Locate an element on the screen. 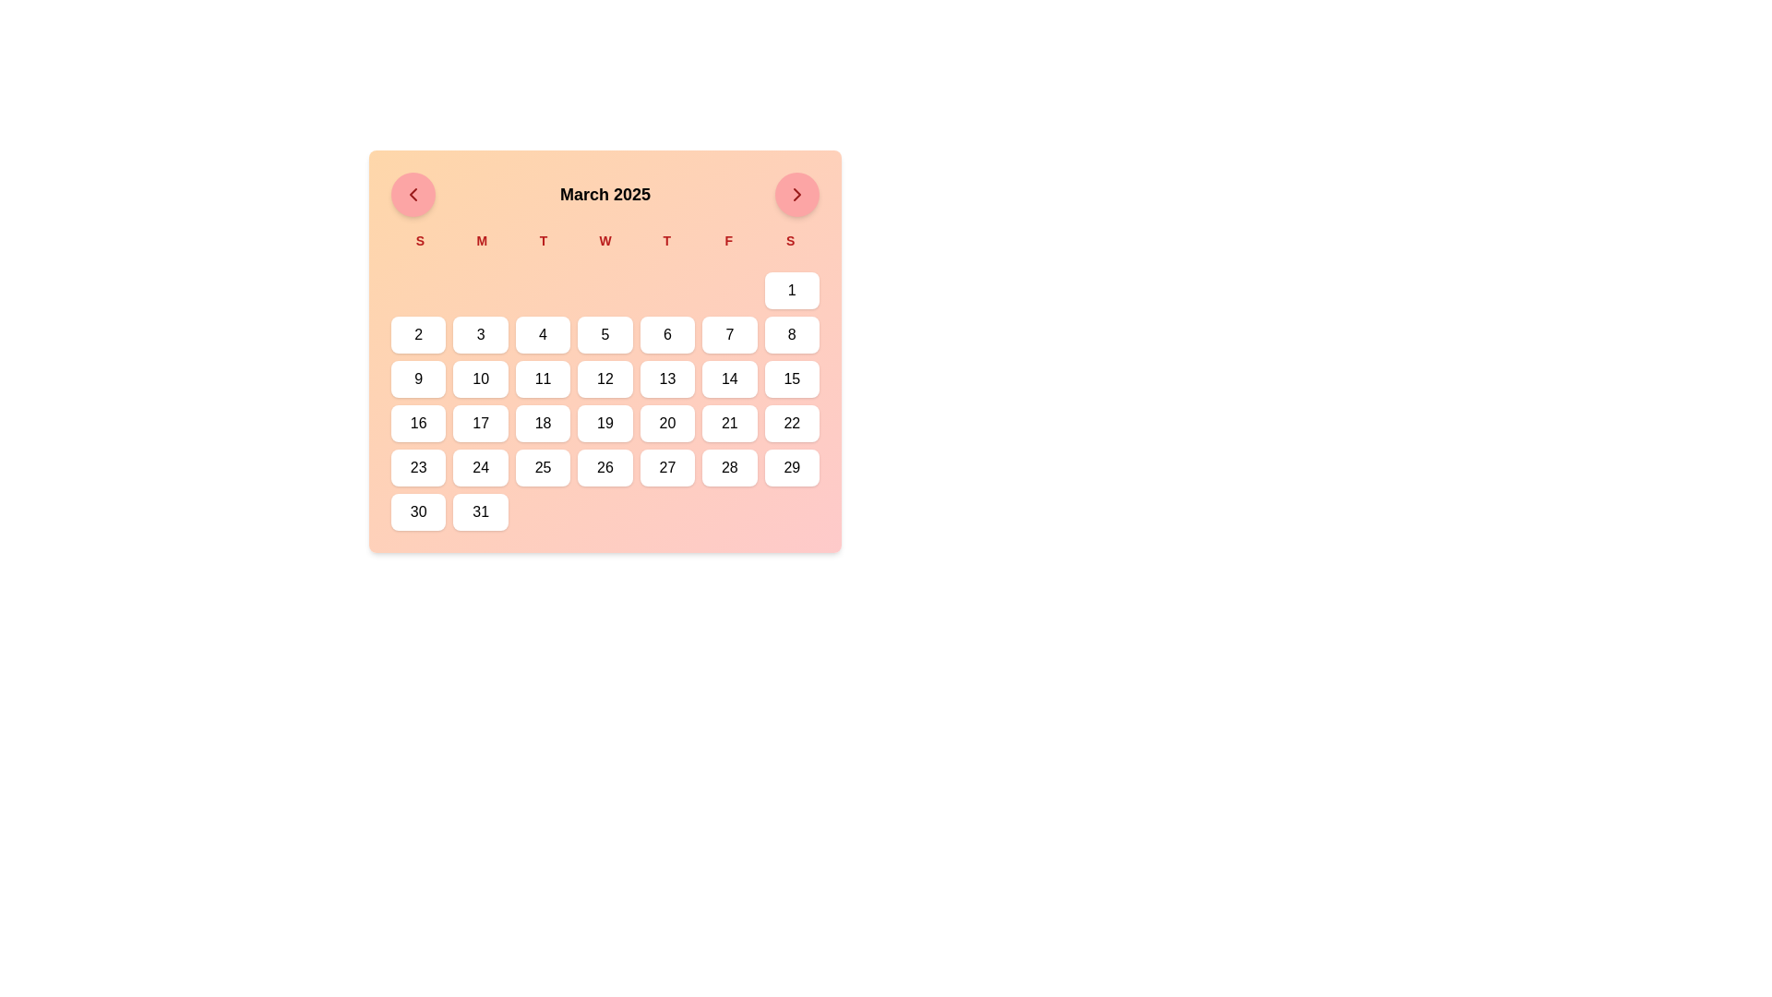 The height and width of the screenshot is (997, 1772). the circular button with a red background and a right-pointing dark red arrow icon is located at coordinates (797, 195).